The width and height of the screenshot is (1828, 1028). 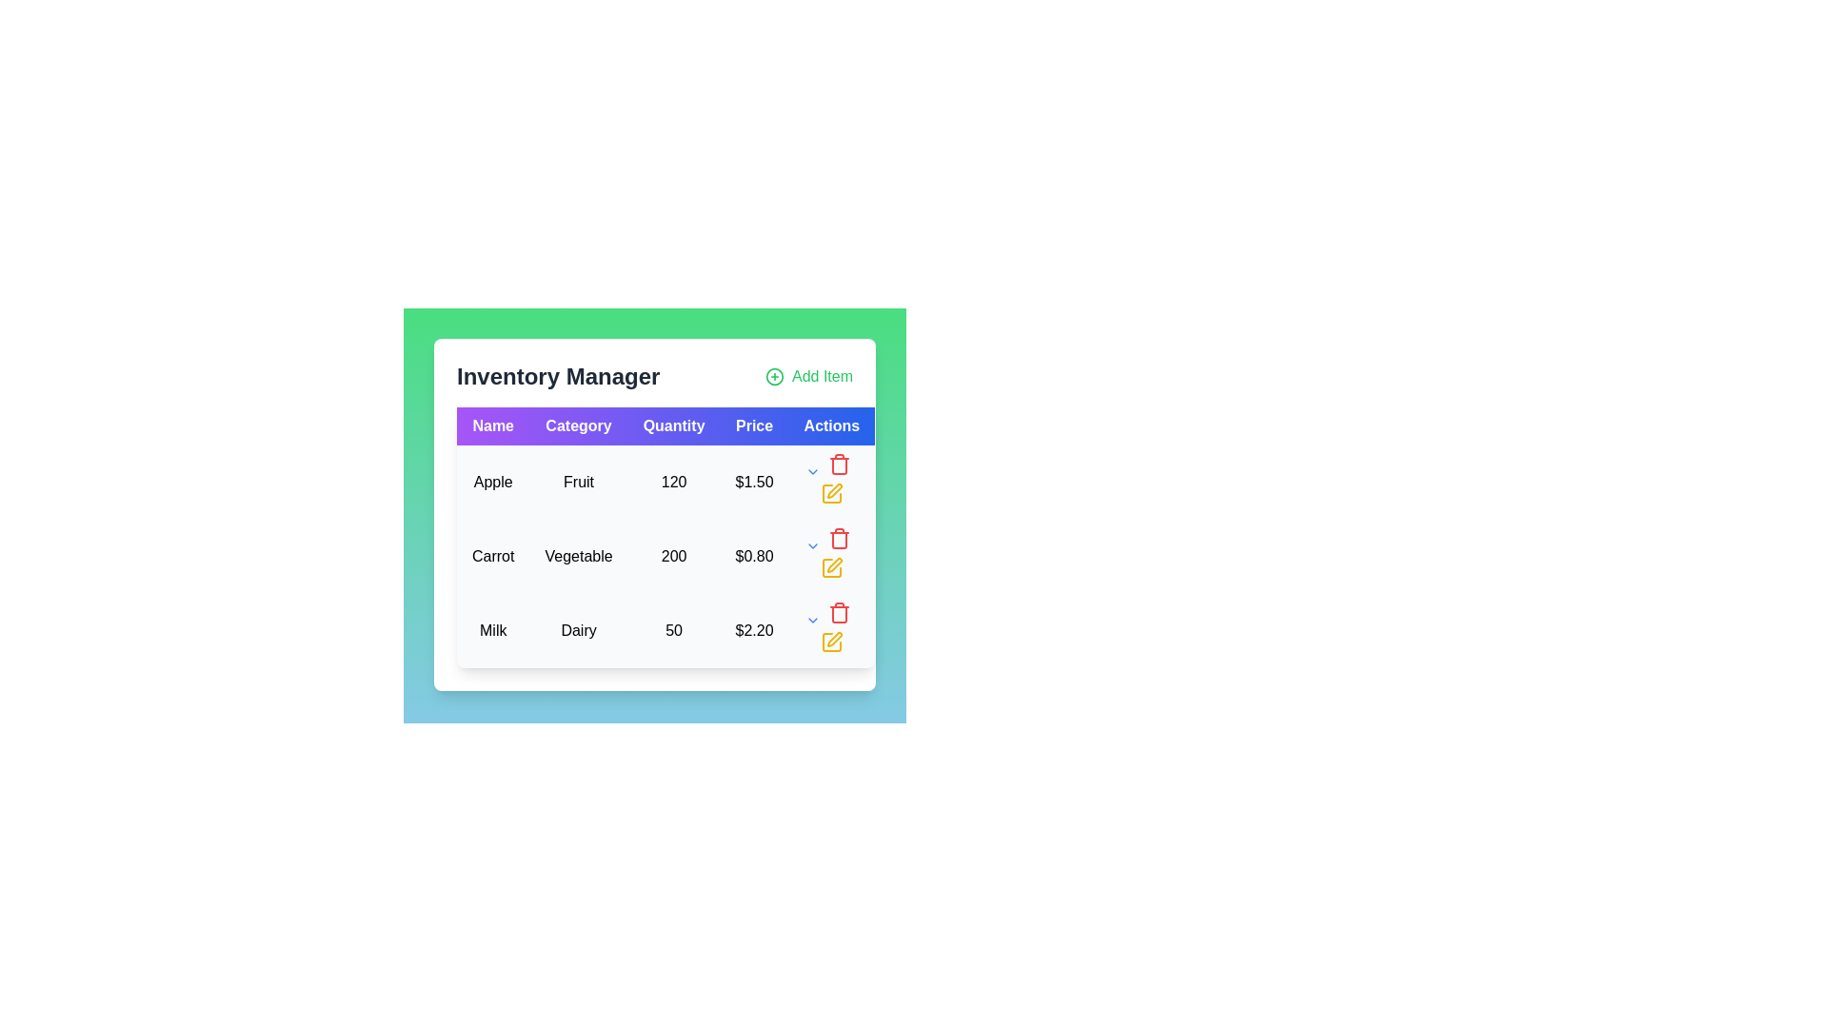 I want to click on label text of the Table Header Cell located between the 'Name' and 'Quantity' cells in the header row of the table, so click(x=578, y=425).